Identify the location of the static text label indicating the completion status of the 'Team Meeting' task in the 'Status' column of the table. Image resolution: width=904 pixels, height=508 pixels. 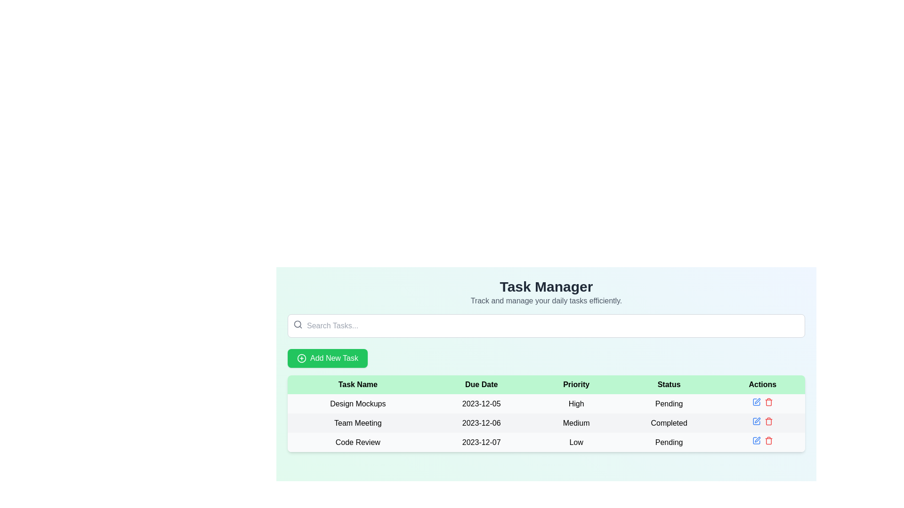
(669, 422).